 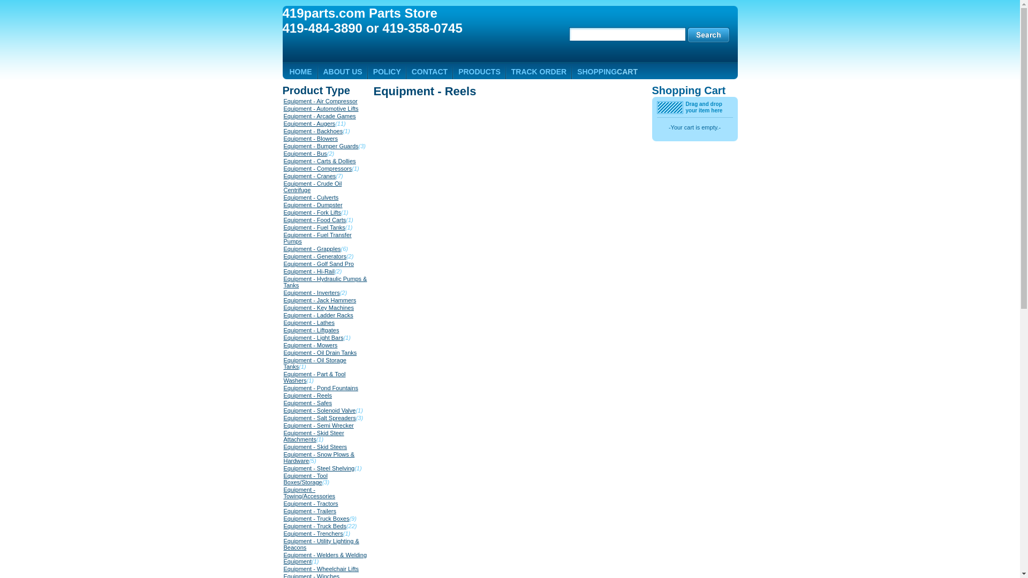 What do you see at coordinates (283, 322) in the screenshot?
I see `'Equipment - Lathes'` at bounding box center [283, 322].